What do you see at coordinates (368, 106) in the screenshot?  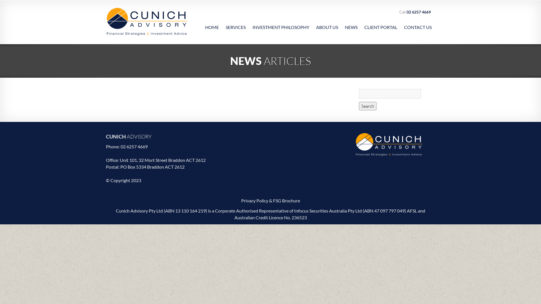 I see `'Search'` at bounding box center [368, 106].